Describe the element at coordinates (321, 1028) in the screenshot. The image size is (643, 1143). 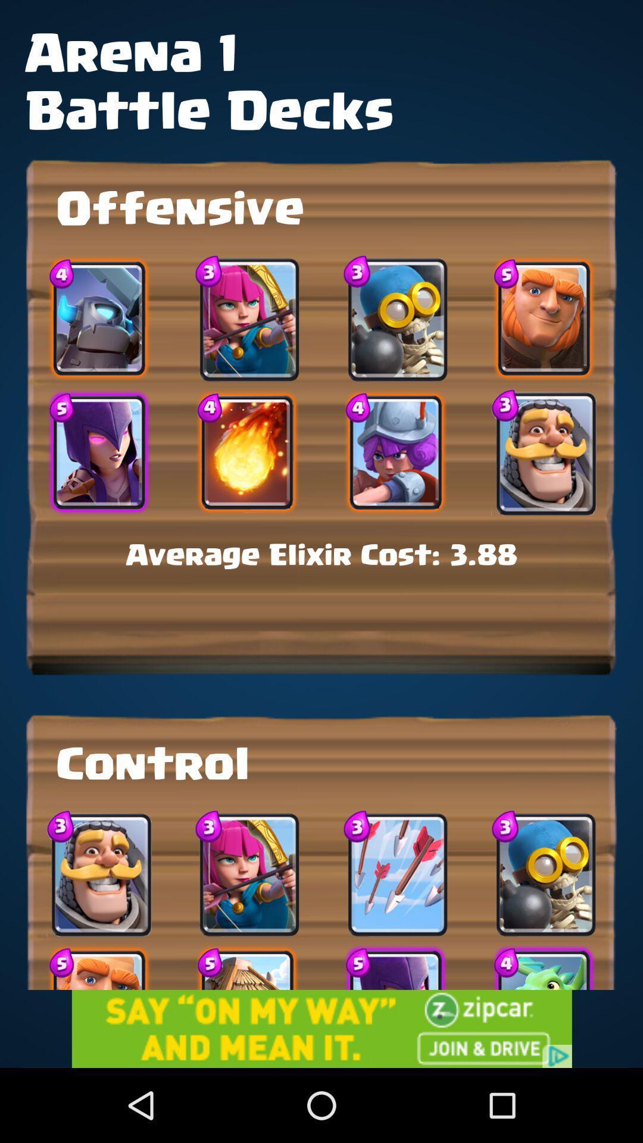
I see `advertisement button for zipcar` at that location.